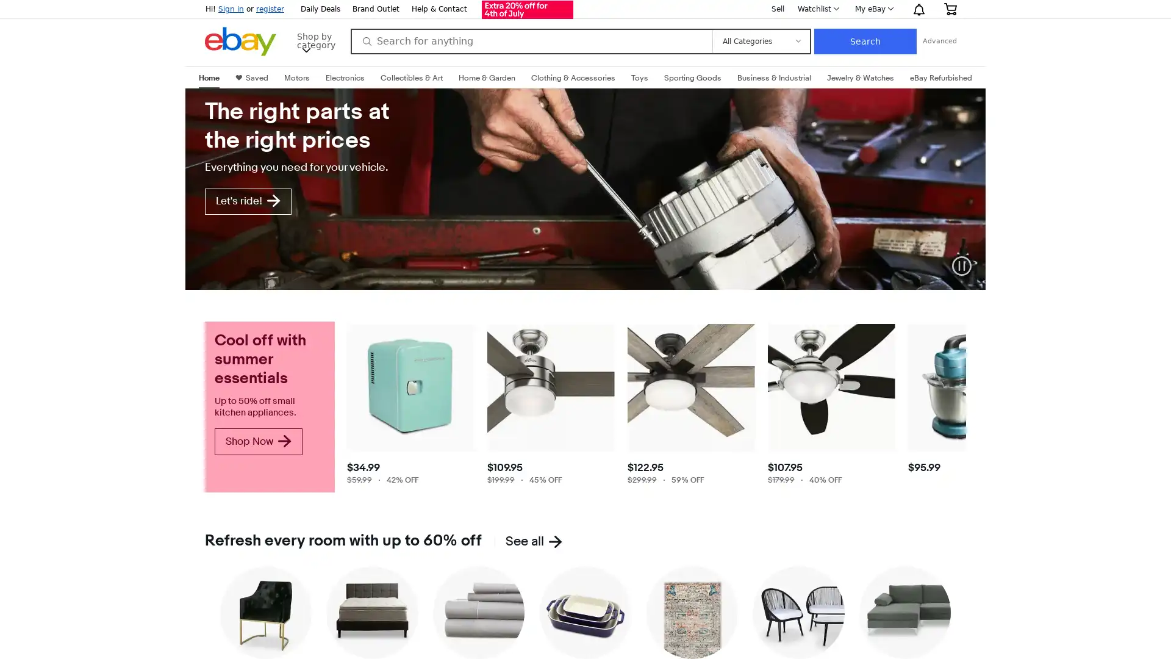 The width and height of the screenshot is (1171, 659). I want to click on Shop by category, so click(318, 39).